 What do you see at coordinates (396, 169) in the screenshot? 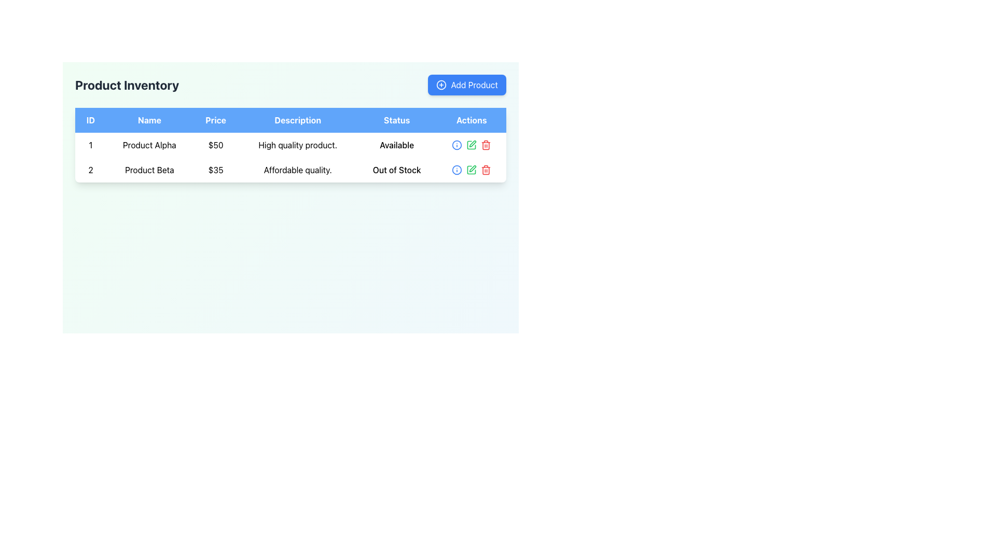
I see `the text label indicating the stock status of 'Product Beta', which shows that the product is currently not available for purchase` at bounding box center [396, 169].